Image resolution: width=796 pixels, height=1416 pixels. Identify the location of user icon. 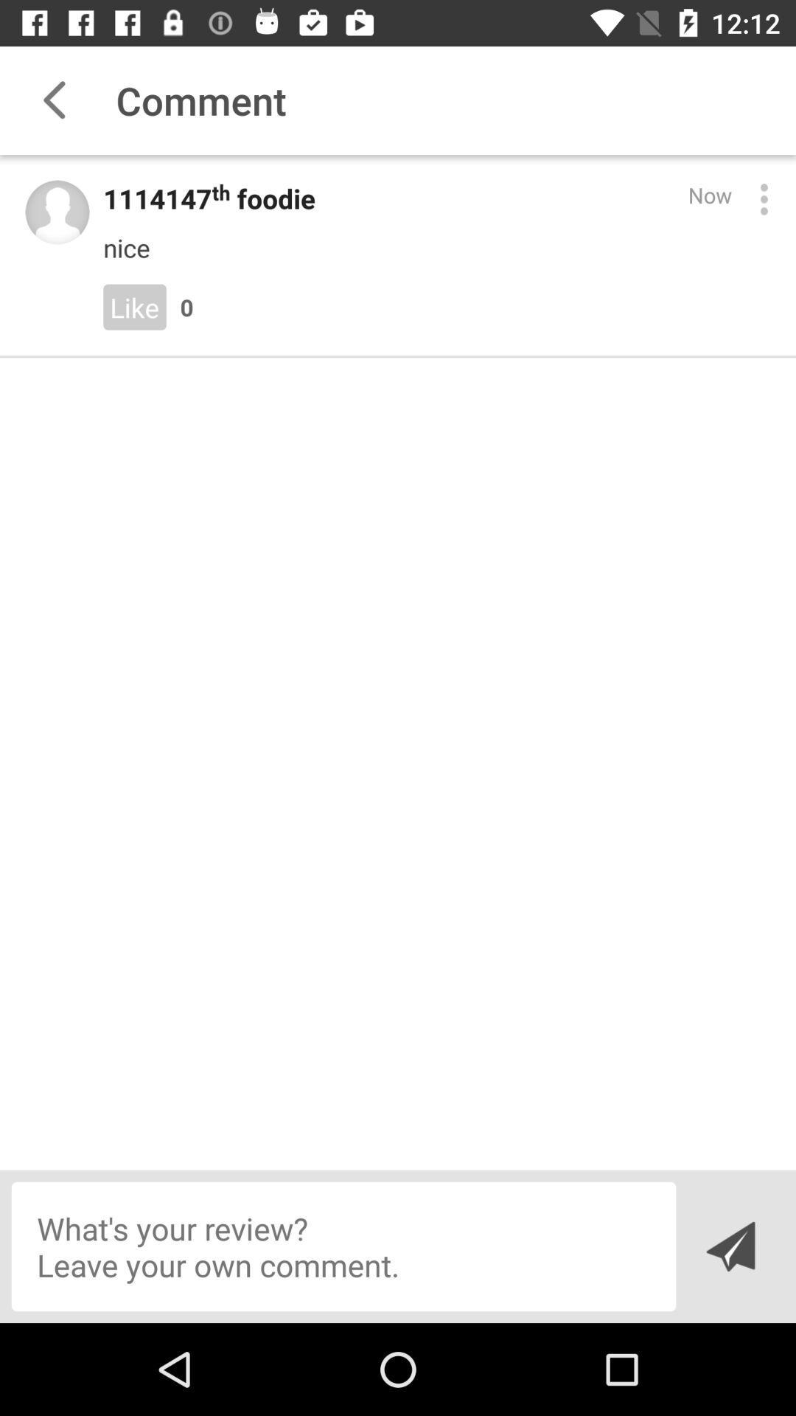
(56, 212).